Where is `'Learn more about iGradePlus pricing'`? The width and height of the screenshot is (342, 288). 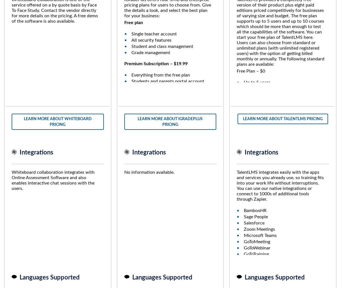
'Learn more about iGradePlus pricing' is located at coordinates (170, 121).